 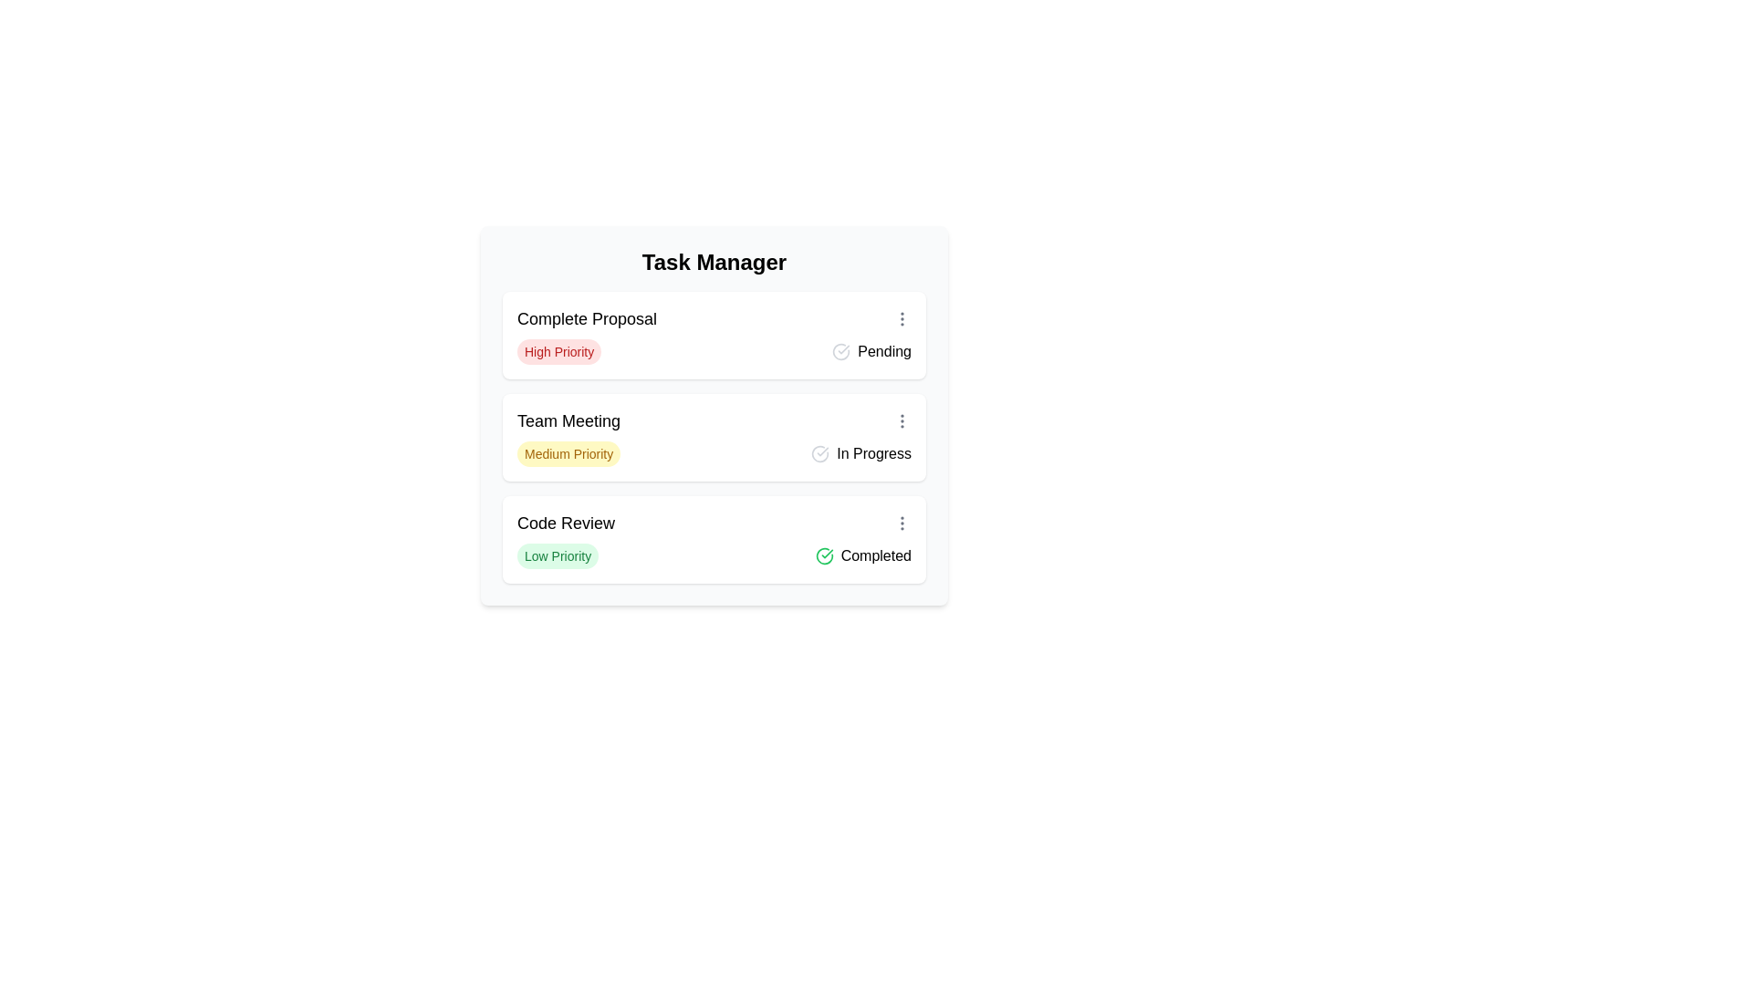 I want to click on the circular gray icon with a checkmark inside, indicating a pending status, located to the left of the 'Pending' text in the 'Complete Proposal' task row, so click(x=840, y=351).